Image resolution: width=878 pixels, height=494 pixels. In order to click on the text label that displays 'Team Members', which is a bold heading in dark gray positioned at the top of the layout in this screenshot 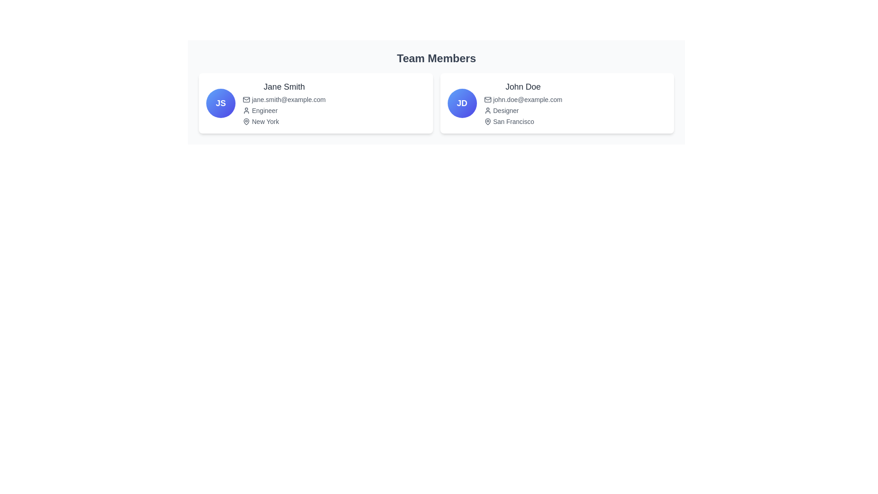, I will do `click(436, 58)`.